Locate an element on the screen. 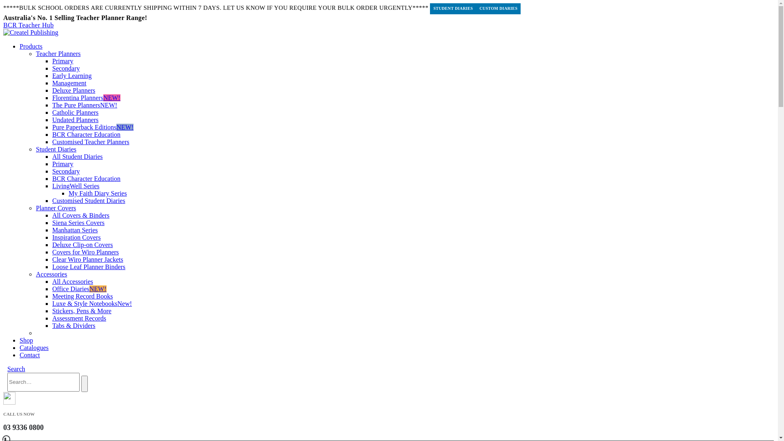 The width and height of the screenshot is (784, 441). 'Secondary' is located at coordinates (66, 171).